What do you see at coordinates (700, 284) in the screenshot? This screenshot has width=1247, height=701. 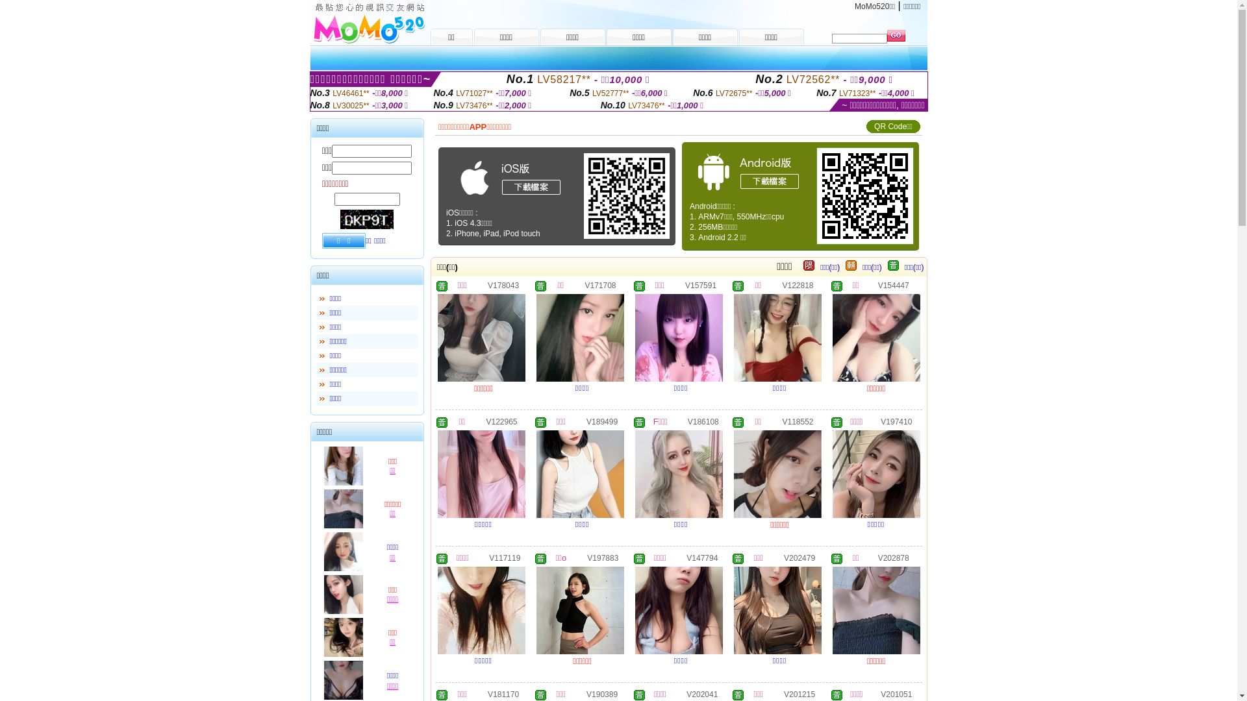 I see `'V157591'` at bounding box center [700, 284].